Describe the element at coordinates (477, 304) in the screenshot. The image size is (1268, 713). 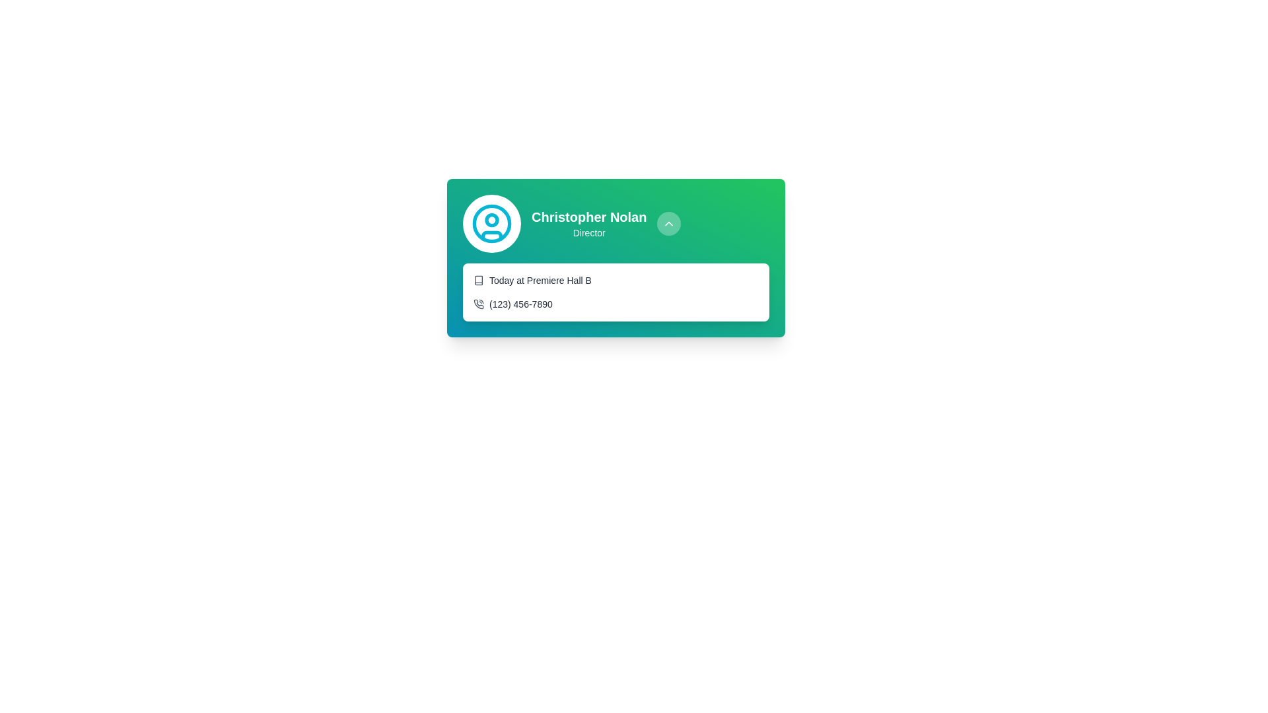
I see `the phone number icon located to the left of '(123) 456-7890' associated with Christopher Nolan` at that location.